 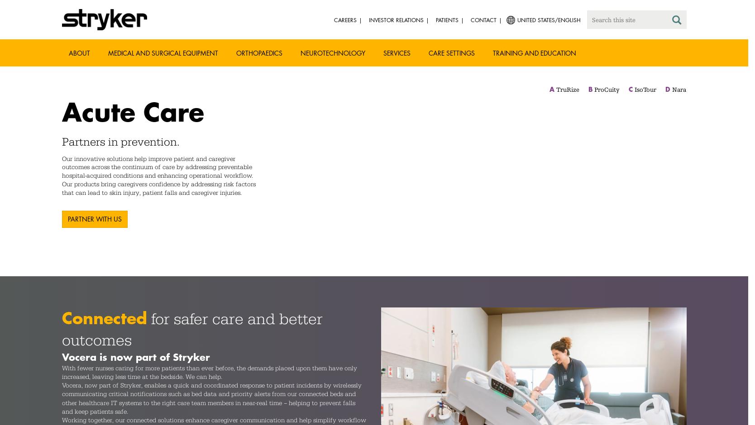 What do you see at coordinates (590, 89) in the screenshot?
I see `'B'` at bounding box center [590, 89].